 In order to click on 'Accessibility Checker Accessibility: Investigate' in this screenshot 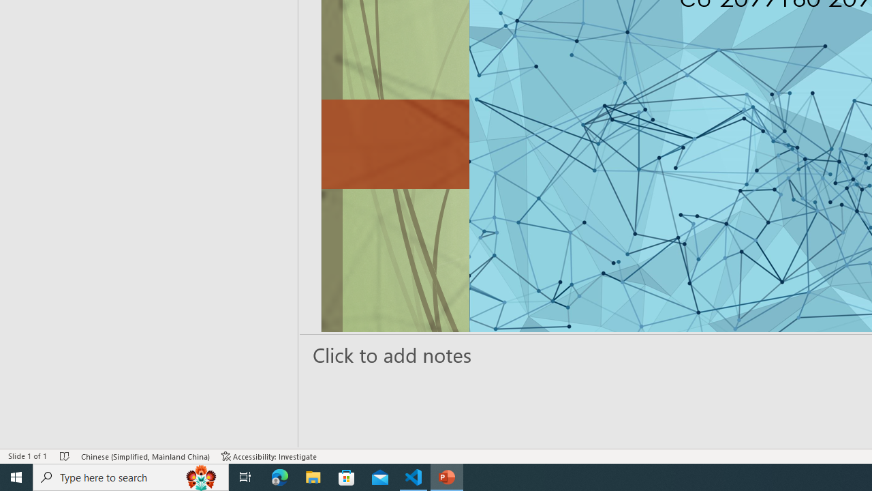, I will do `click(269, 456)`.